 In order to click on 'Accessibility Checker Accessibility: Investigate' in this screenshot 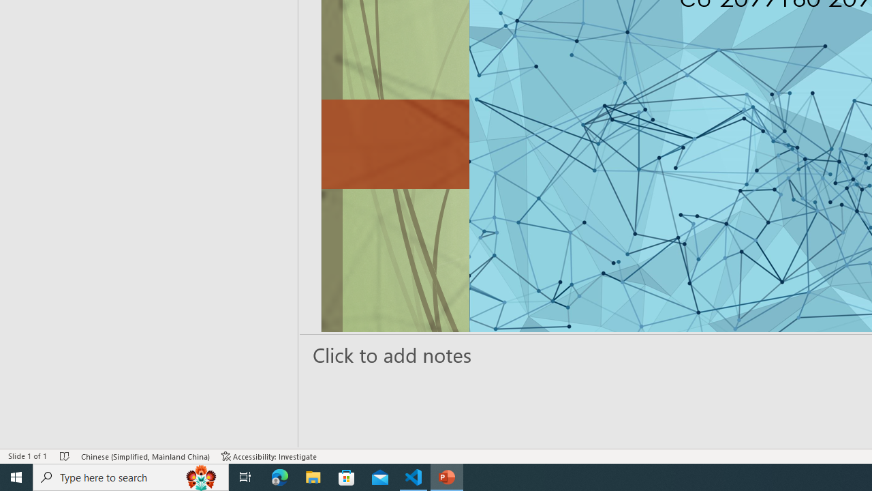, I will do `click(269, 456)`.